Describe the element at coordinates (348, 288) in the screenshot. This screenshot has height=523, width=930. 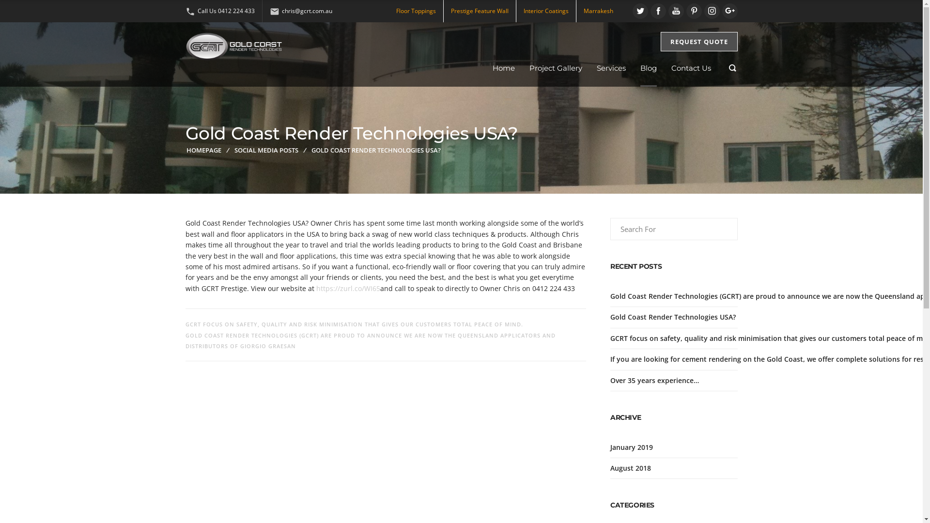
I see `'https://zurl.co/WI65'` at that location.